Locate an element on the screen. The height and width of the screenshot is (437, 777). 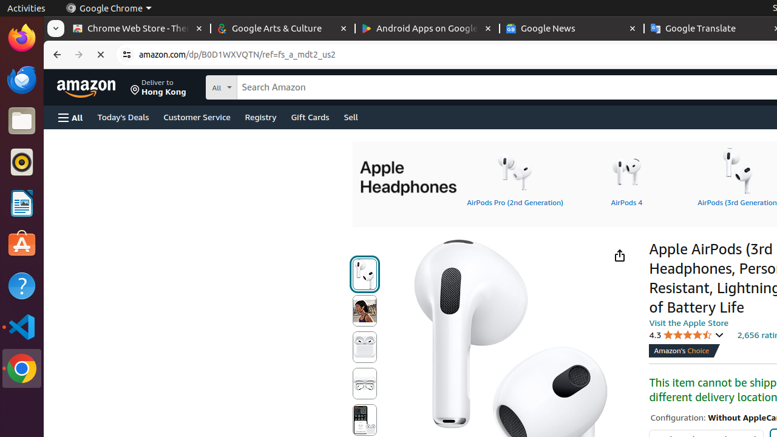
'LibreOffice Writer' is located at coordinates (21, 203).